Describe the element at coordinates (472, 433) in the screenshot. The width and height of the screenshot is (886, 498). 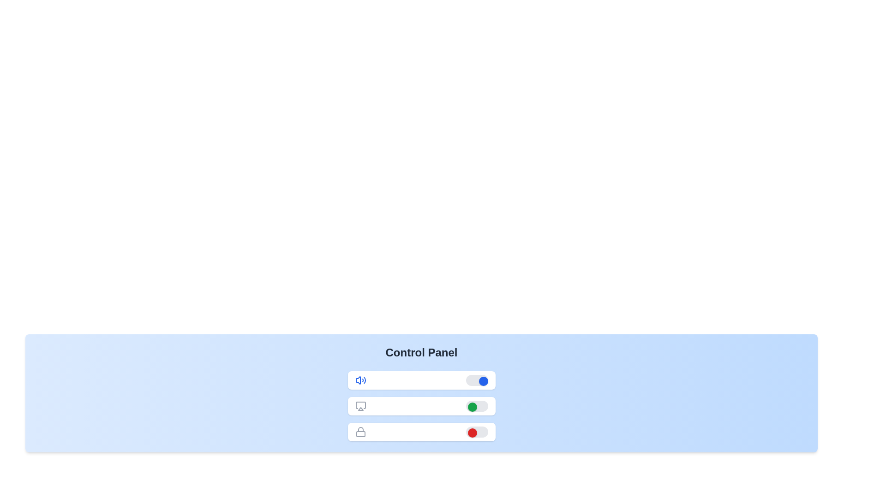
I see `the toggle indicator on the right side of the third toggle switch in the control panel to switch states` at that location.